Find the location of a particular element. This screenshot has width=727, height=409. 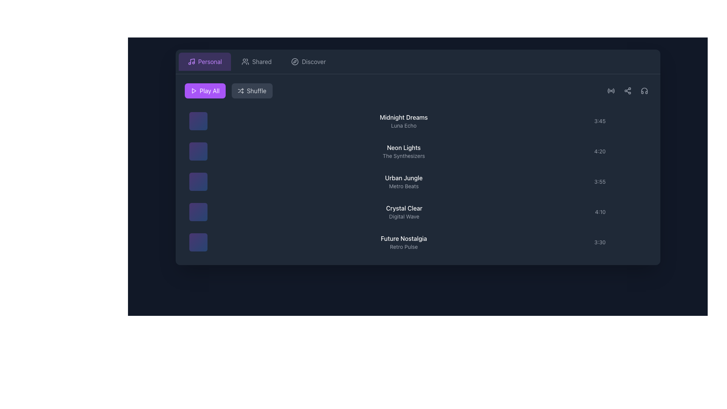

the text label displaying 'Future Nostalgia' which is styled with a white font on a dark background, located in the bottom section of the main content area is located at coordinates (403, 238).